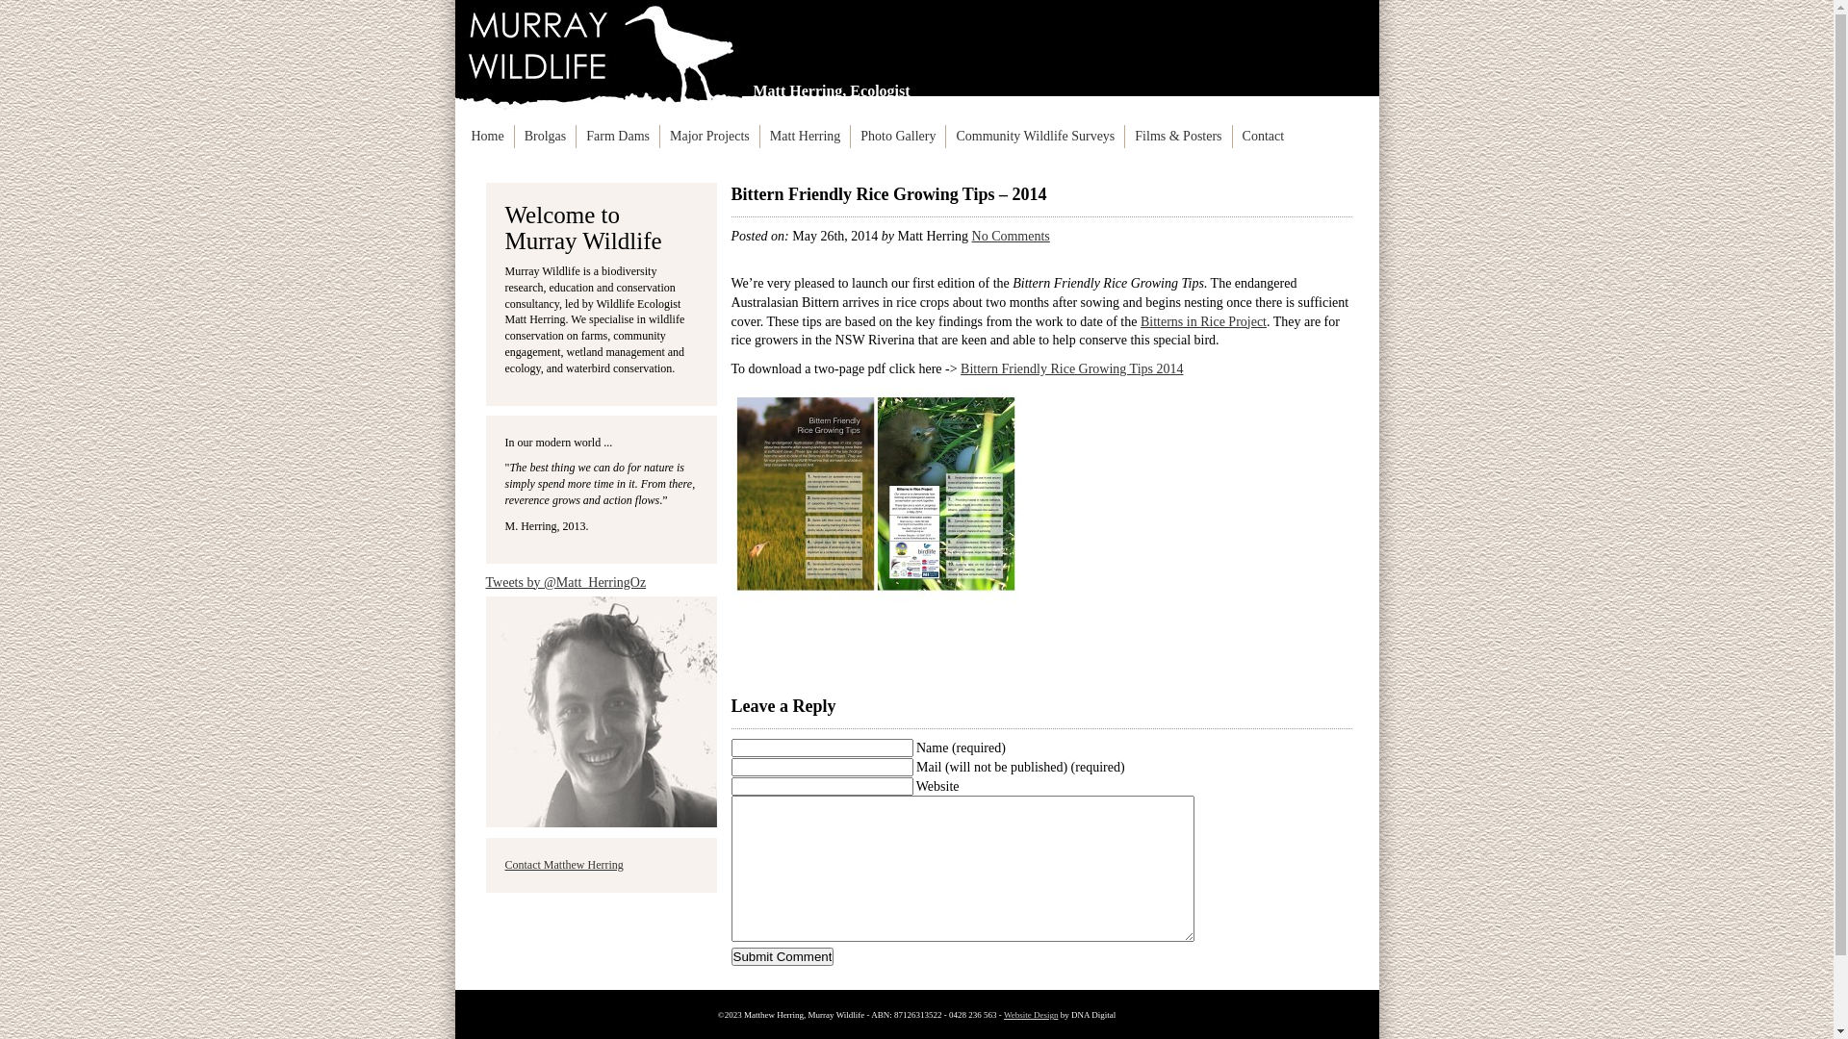 The height and width of the screenshot is (1039, 1848). Describe the element at coordinates (849, 136) in the screenshot. I see `'Photo Gallery'` at that location.